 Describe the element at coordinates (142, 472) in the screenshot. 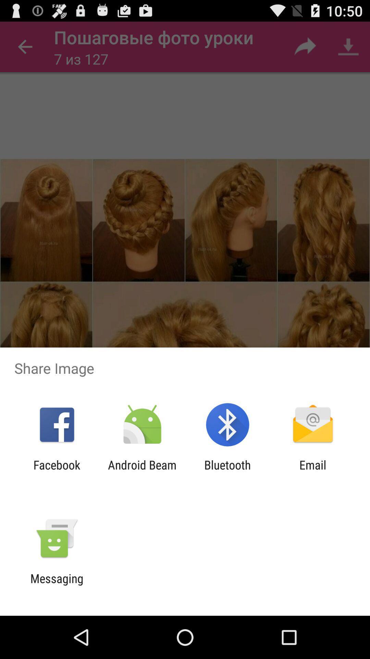

I see `the icon next to the bluetooth` at that location.